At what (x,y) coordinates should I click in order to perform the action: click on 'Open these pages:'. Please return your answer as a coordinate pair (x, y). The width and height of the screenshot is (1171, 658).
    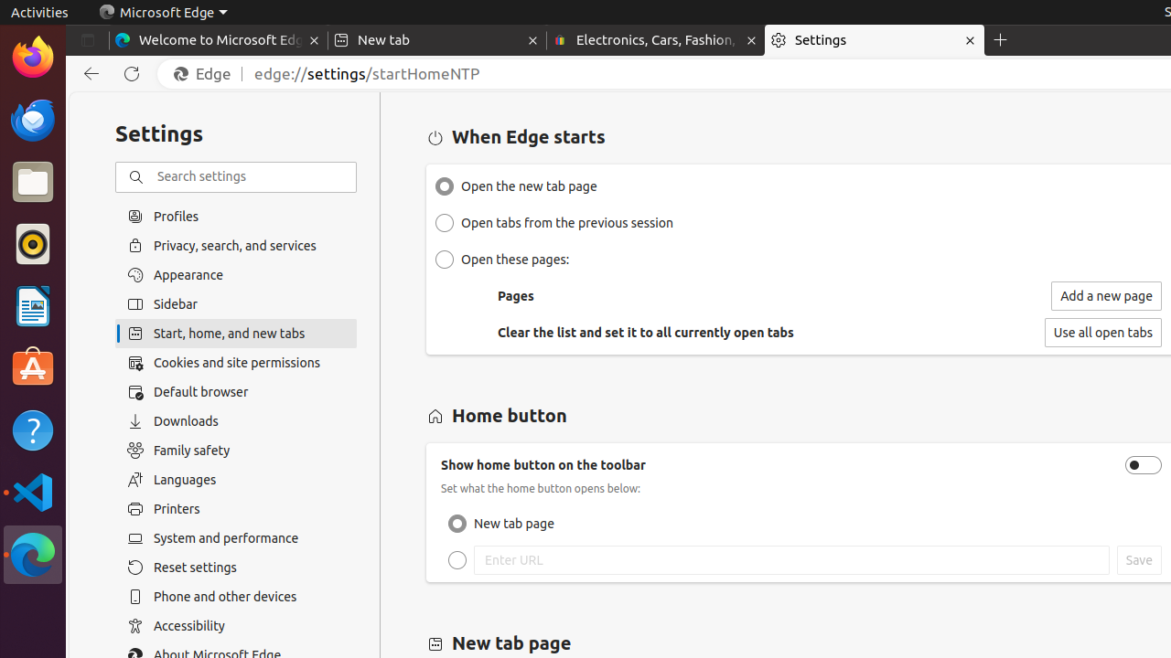
    Looking at the image, I should click on (445, 259).